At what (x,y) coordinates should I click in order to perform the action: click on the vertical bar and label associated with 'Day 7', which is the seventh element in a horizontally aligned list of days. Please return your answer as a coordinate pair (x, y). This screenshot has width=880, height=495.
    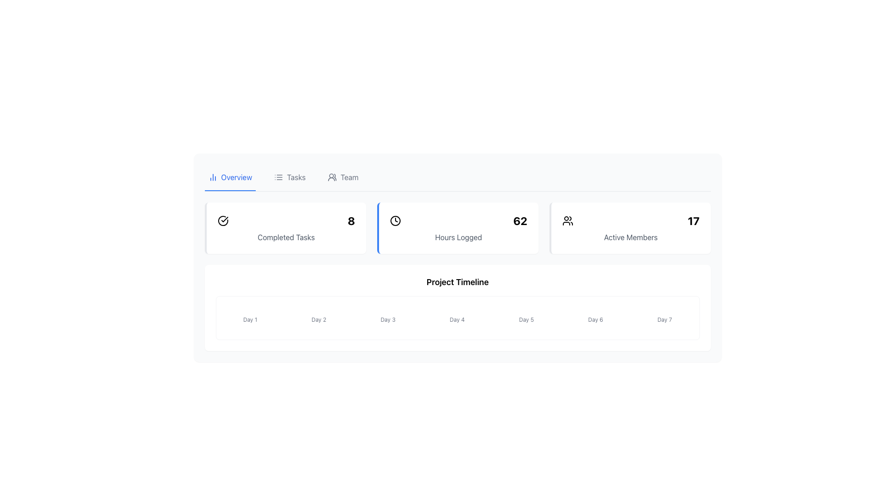
    Looking at the image, I should click on (665, 318).